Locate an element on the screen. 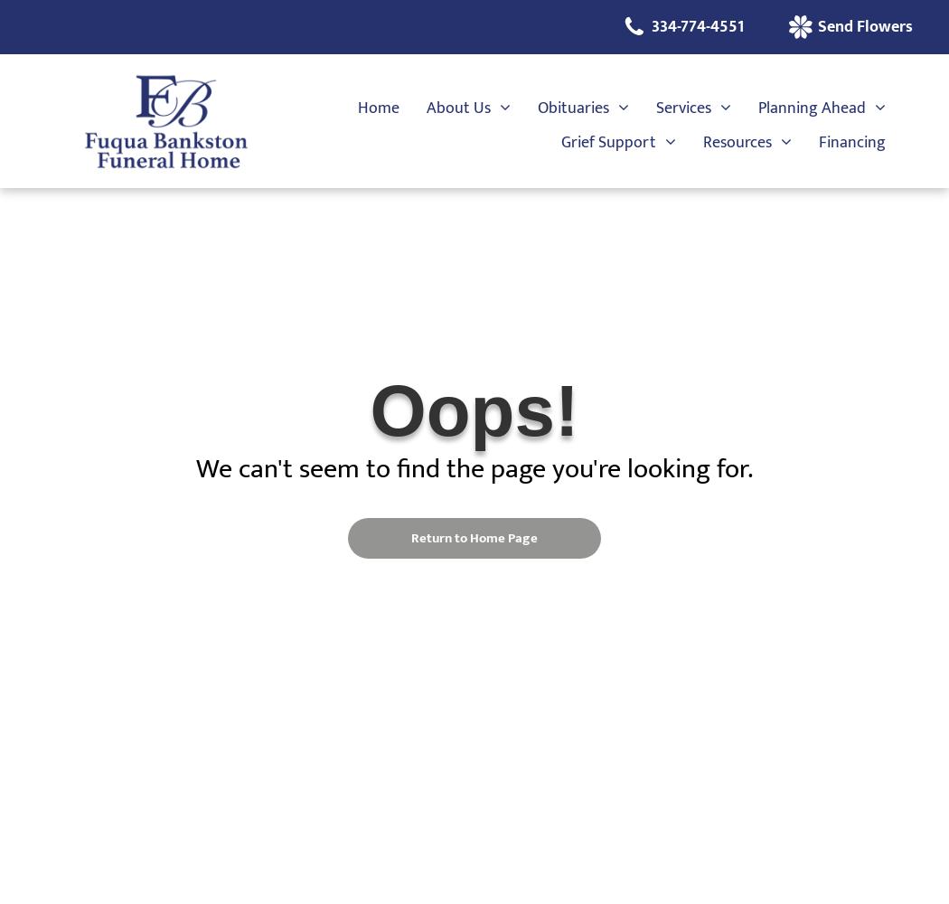 Image resolution: width=949 pixels, height=904 pixels. 'Grief Resources' is located at coordinates (623, 272).